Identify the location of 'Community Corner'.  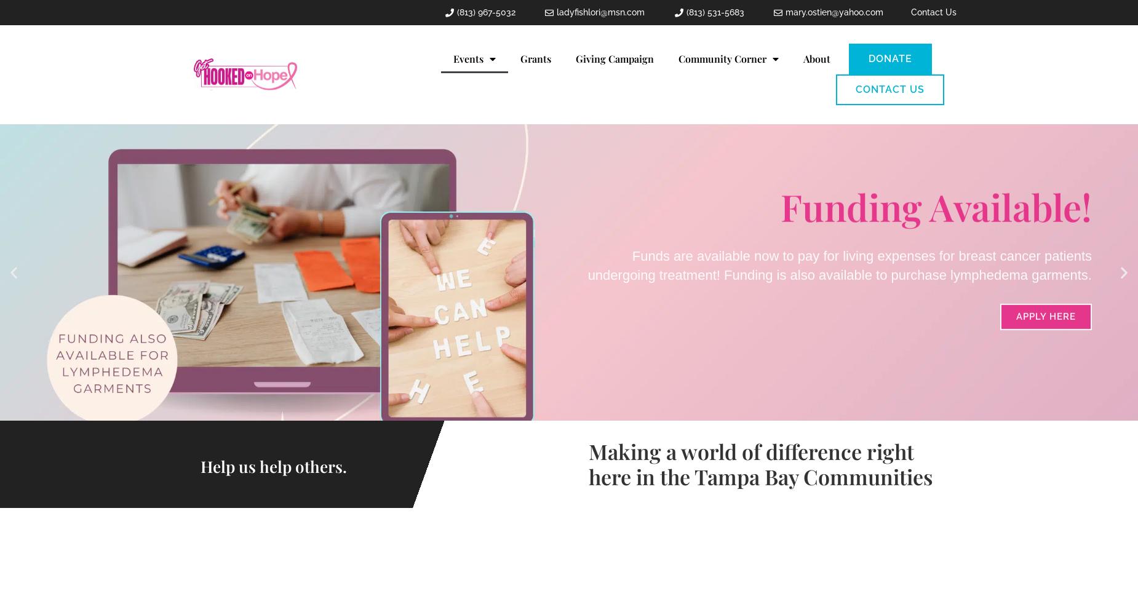
(721, 58).